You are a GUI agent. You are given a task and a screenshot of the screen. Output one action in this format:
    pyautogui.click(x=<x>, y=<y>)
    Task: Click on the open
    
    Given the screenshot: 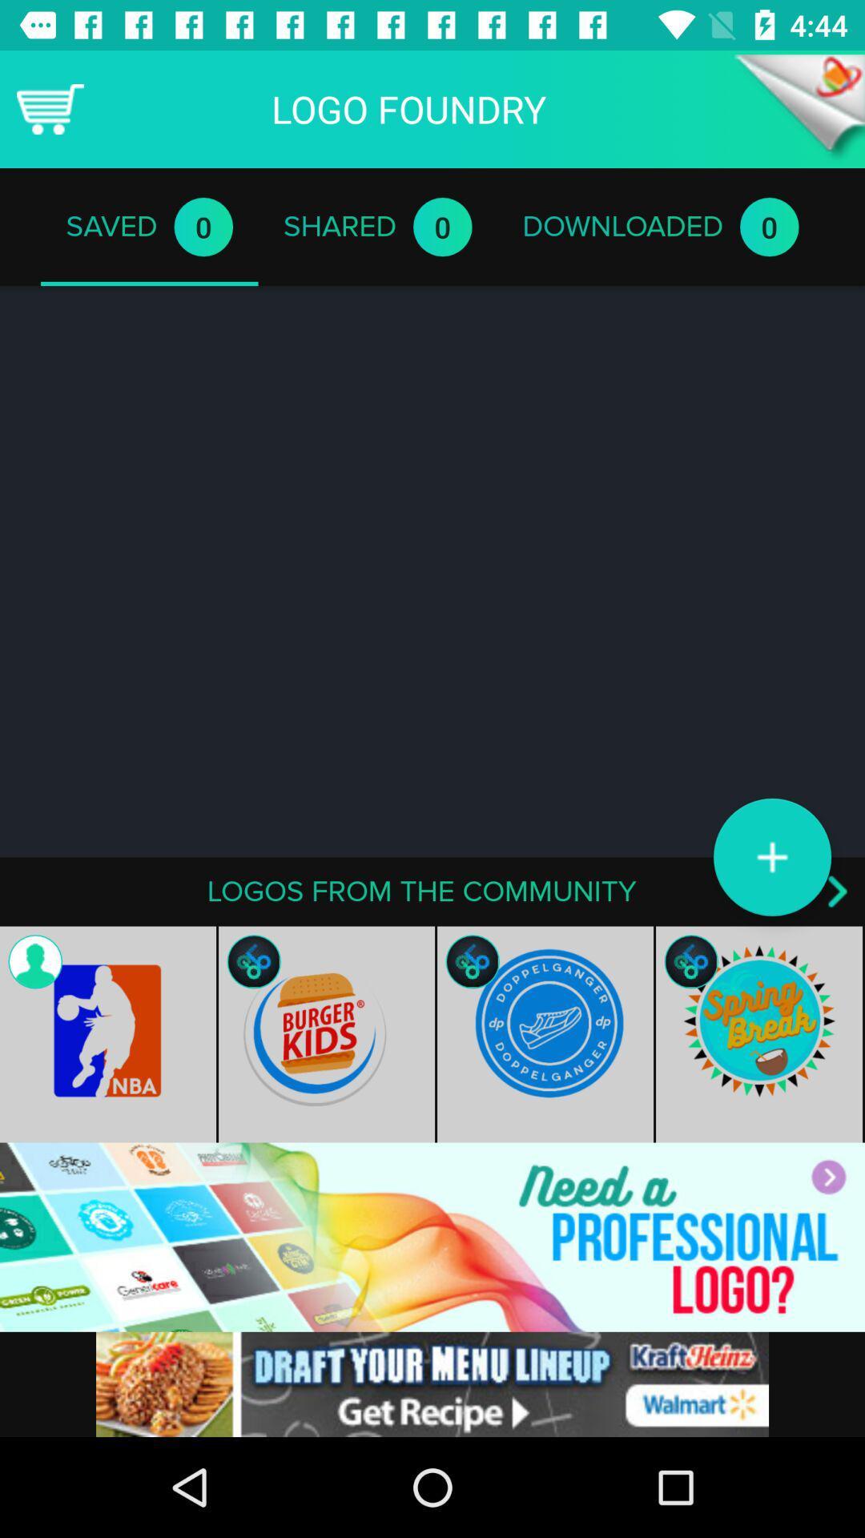 What is the action you would take?
    pyautogui.click(x=799, y=108)
    